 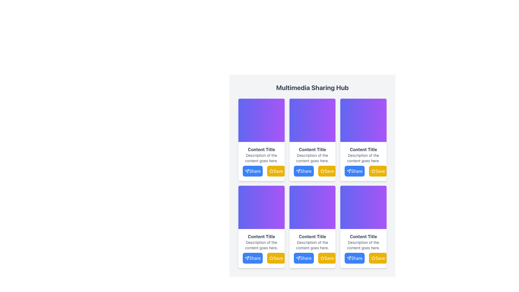 What do you see at coordinates (247, 258) in the screenshot?
I see `the share icon located within the 'Share' button at the bottom left corner card in the first column and third row of the content grid` at bounding box center [247, 258].